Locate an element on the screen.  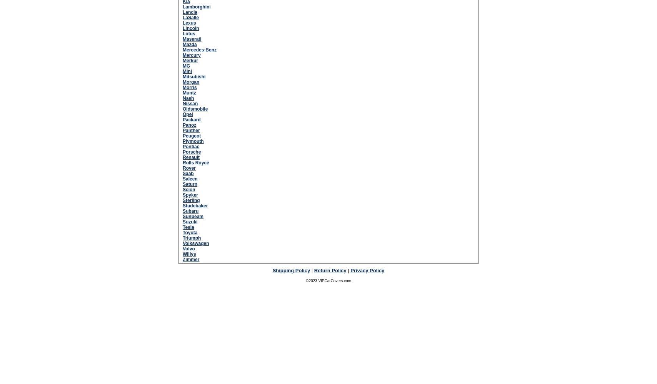
'Saturn' is located at coordinates (190, 184).